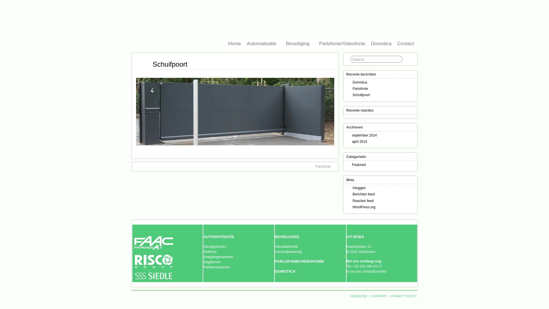 This screenshot has height=309, width=549. Describe the element at coordinates (363, 200) in the screenshot. I see `'Reacties feed'` at that location.